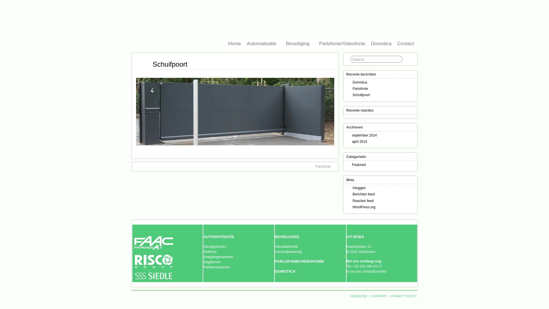 This screenshot has height=309, width=549. Describe the element at coordinates (363, 200) in the screenshot. I see `'Reacties feed'` at that location.